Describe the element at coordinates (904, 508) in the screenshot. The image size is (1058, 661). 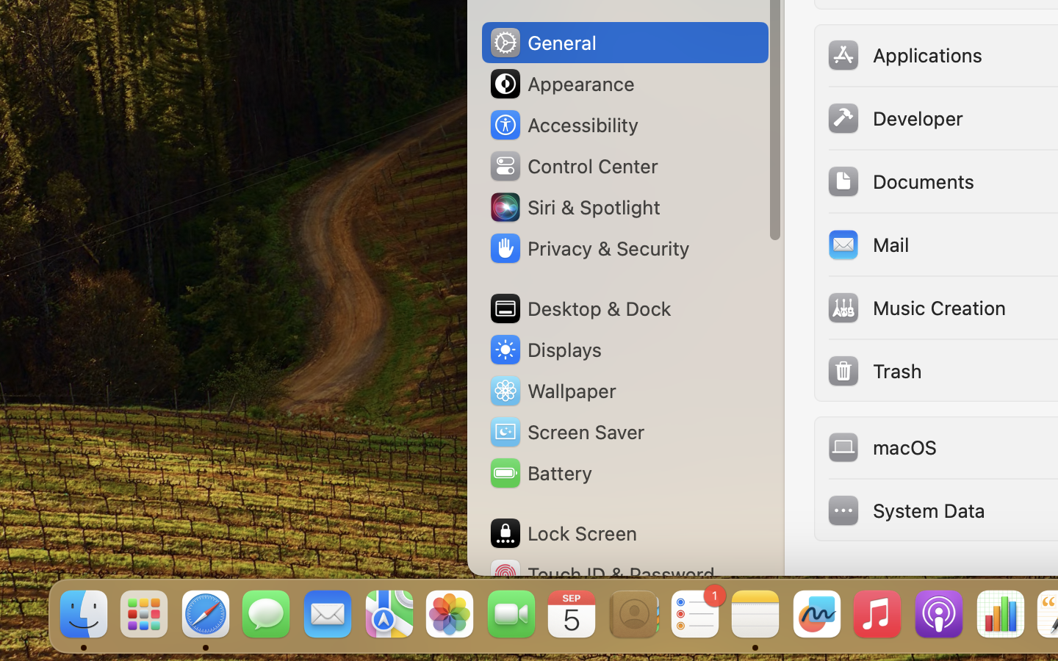
I see `'System Data'` at that location.